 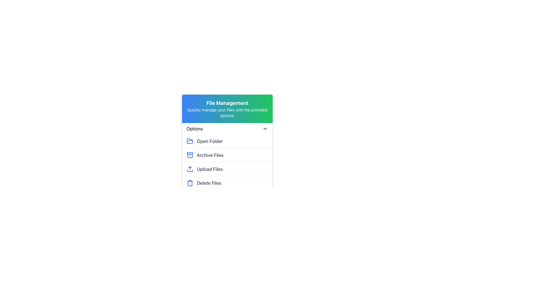 What do you see at coordinates (190, 169) in the screenshot?
I see `the upload files icon located in the third list item of the vertical menu under the 'Options' section, positioned left of the 'Upload Files' text` at bounding box center [190, 169].